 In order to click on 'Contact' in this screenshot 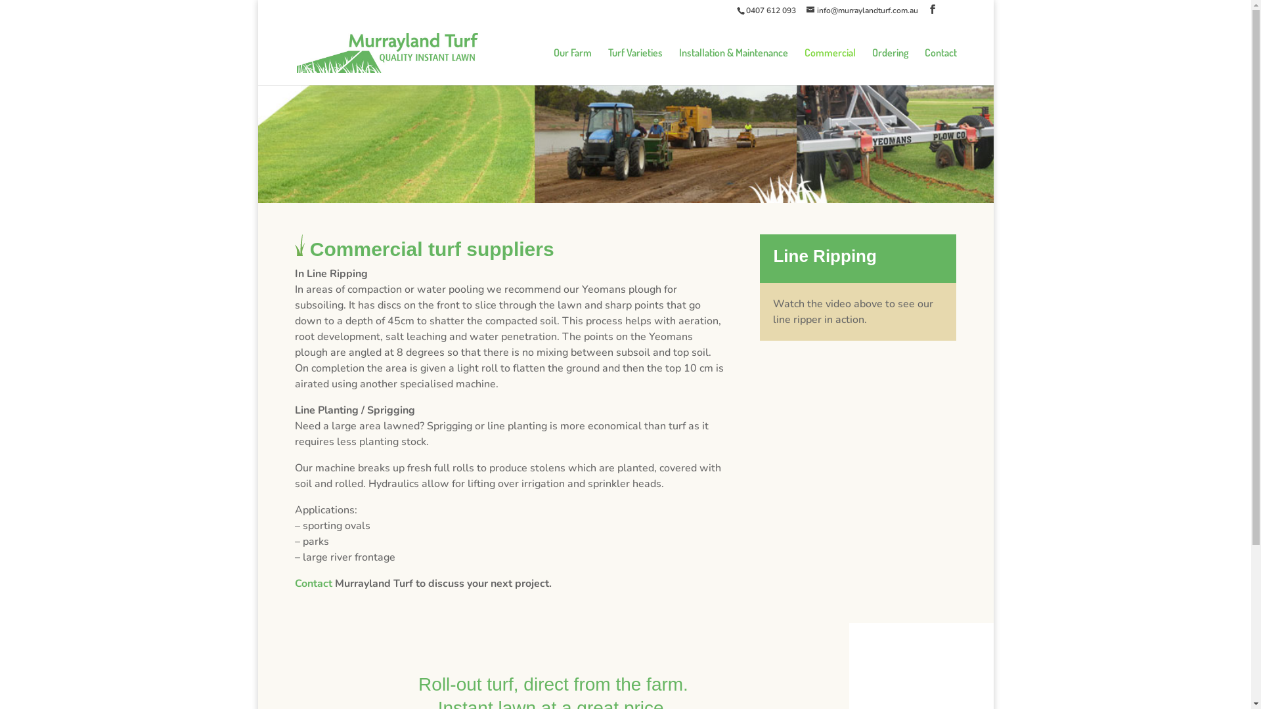, I will do `click(312, 582)`.